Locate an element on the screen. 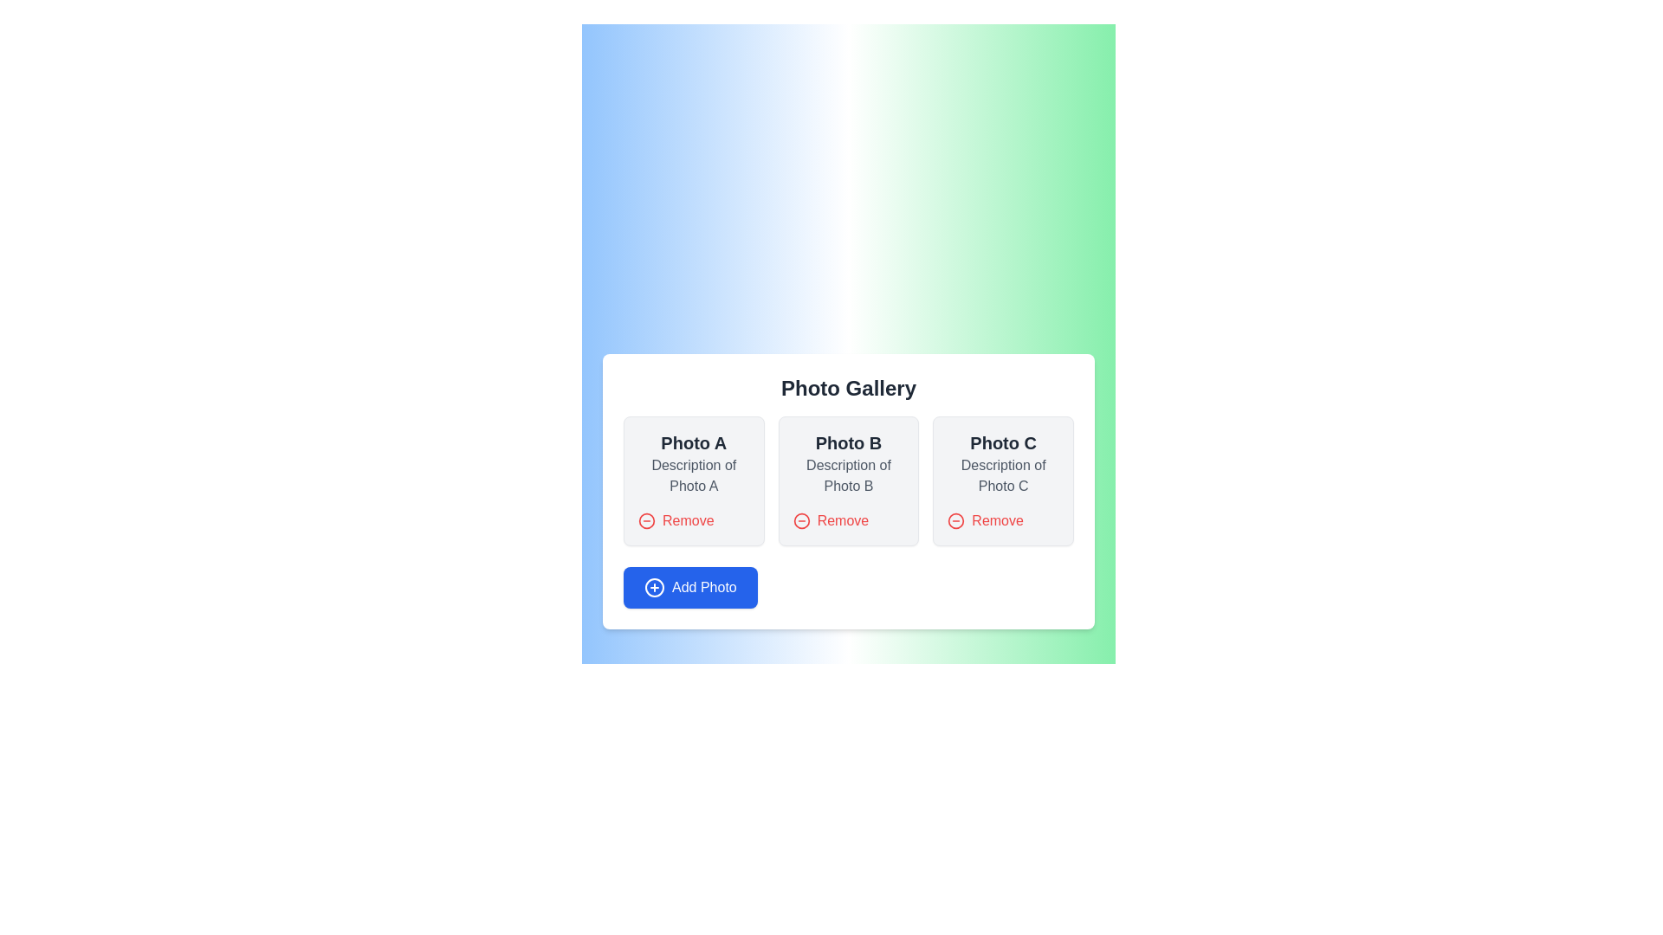 Image resolution: width=1663 pixels, height=935 pixels. the button located at the bottom left corner of the photo gallery interface to initiate the photo addition process is located at coordinates (689, 586).